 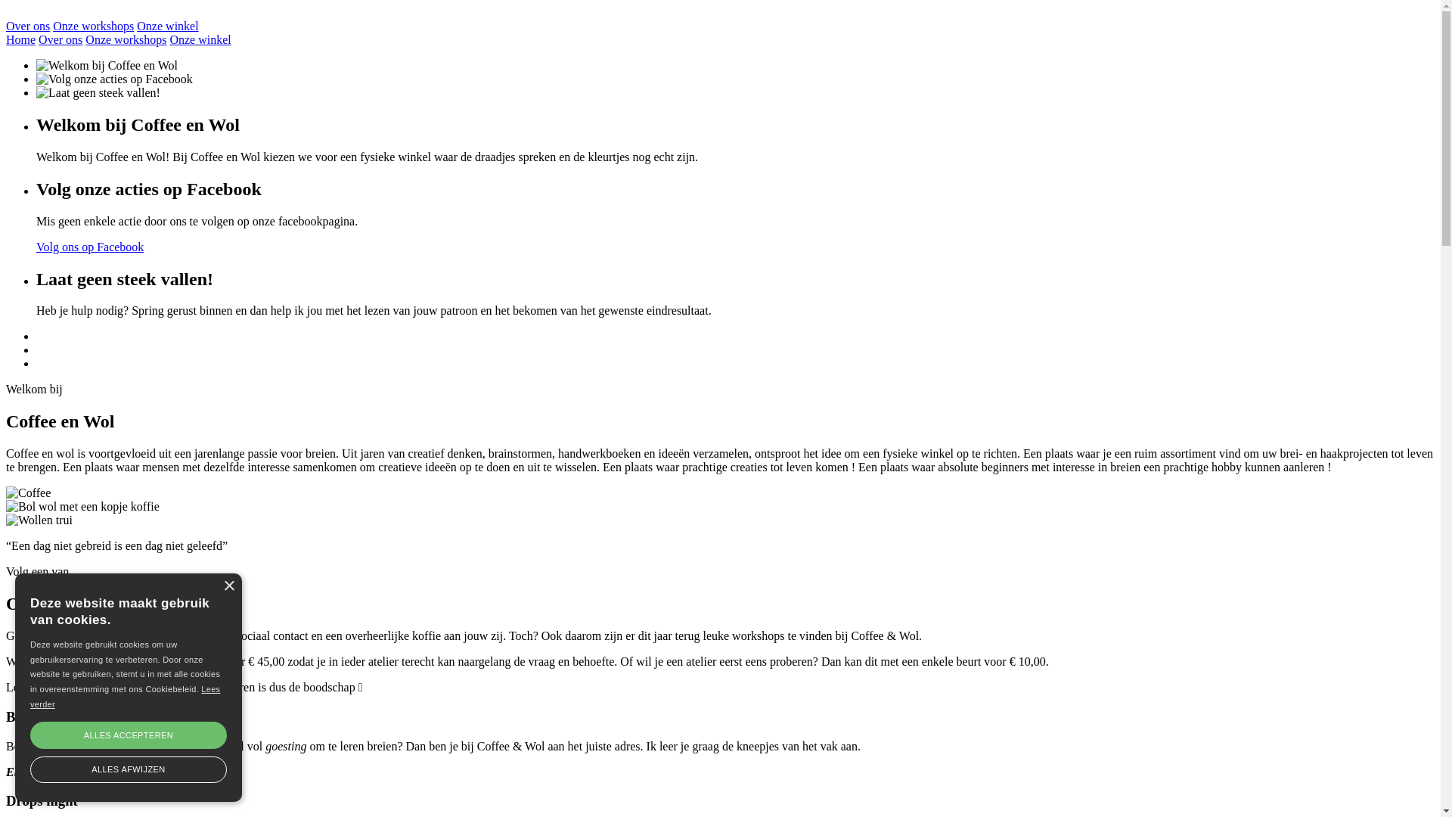 I want to click on 'Onze winkel', so click(x=167, y=26).